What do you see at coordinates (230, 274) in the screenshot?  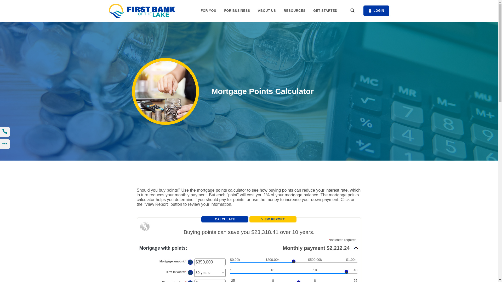 I see `'Term in years slider'` at bounding box center [230, 274].